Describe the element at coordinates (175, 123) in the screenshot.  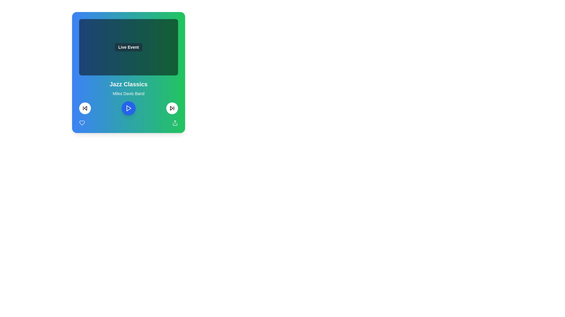
I see `the share action icon located at the bottom-right corner of the playback controls section to initiate a sharing action` at that location.